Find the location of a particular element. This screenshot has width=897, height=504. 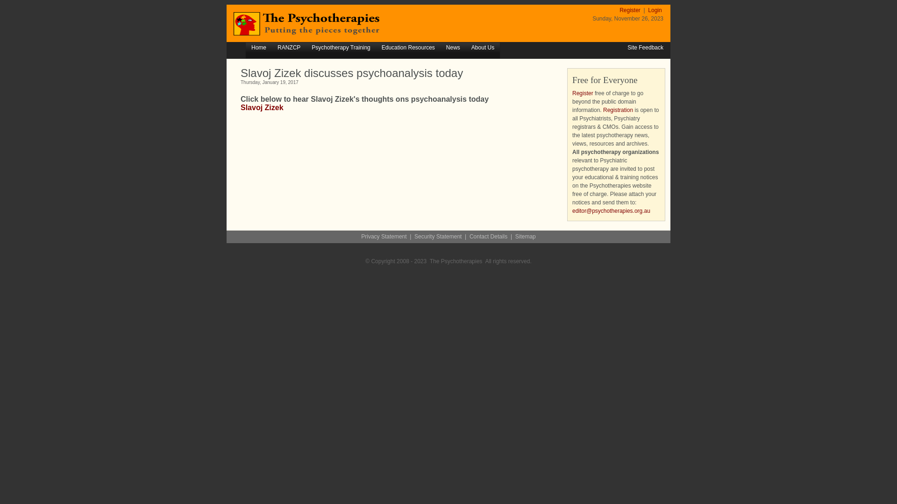

'Psychotherapy Training' is located at coordinates (306, 48).